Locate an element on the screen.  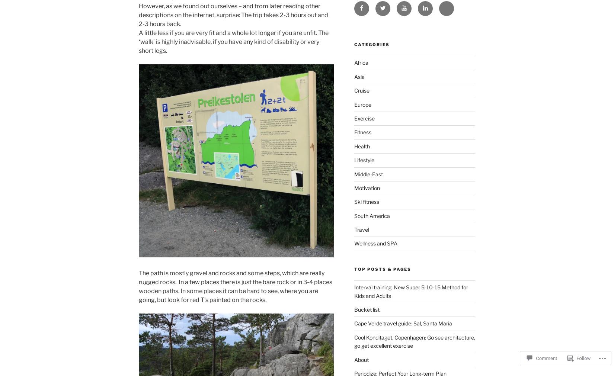
'Interval training: New Super 5-10-15 Method for Kids and Adults' is located at coordinates (411, 291).